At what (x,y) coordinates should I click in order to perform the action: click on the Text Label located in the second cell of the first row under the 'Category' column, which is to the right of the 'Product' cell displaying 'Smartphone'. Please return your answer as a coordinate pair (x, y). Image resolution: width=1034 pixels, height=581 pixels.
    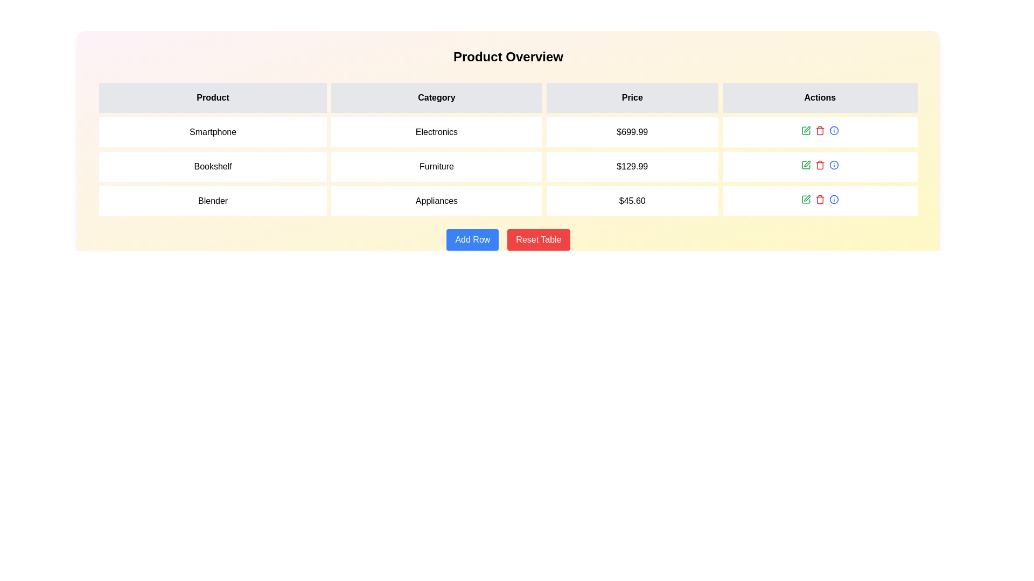
    Looking at the image, I should click on (437, 132).